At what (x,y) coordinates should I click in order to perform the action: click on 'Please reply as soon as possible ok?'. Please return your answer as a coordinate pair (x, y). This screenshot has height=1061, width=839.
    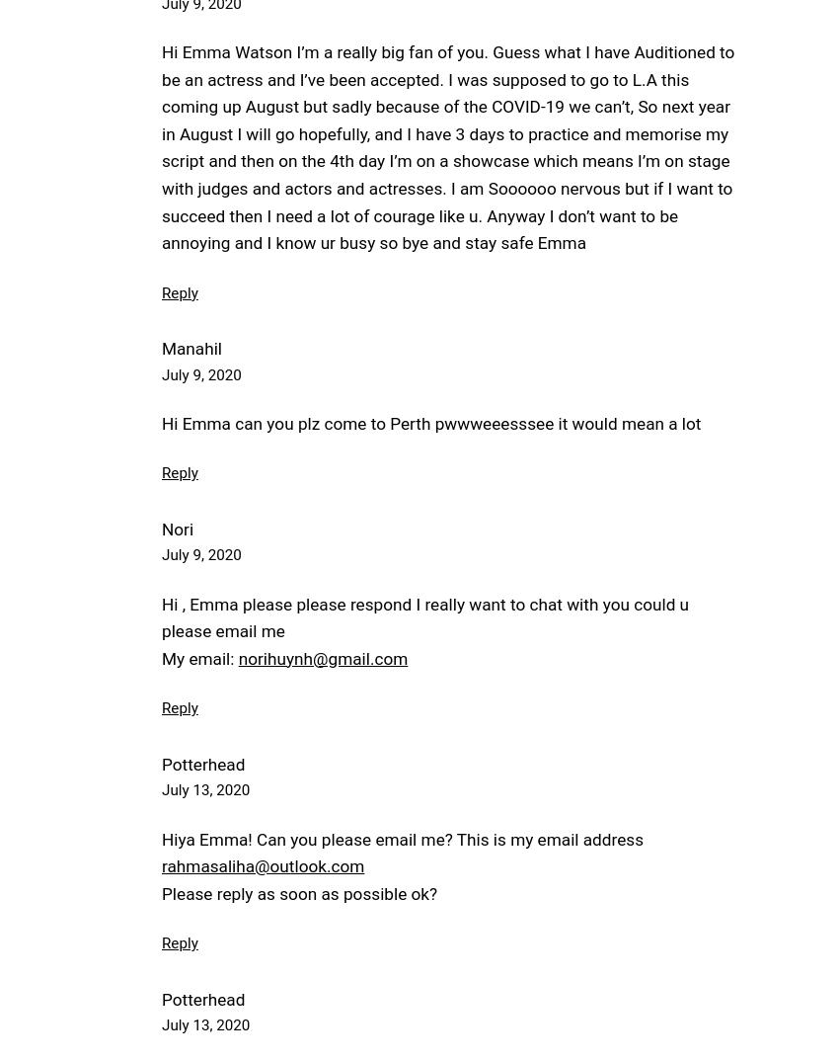
    Looking at the image, I should click on (299, 891).